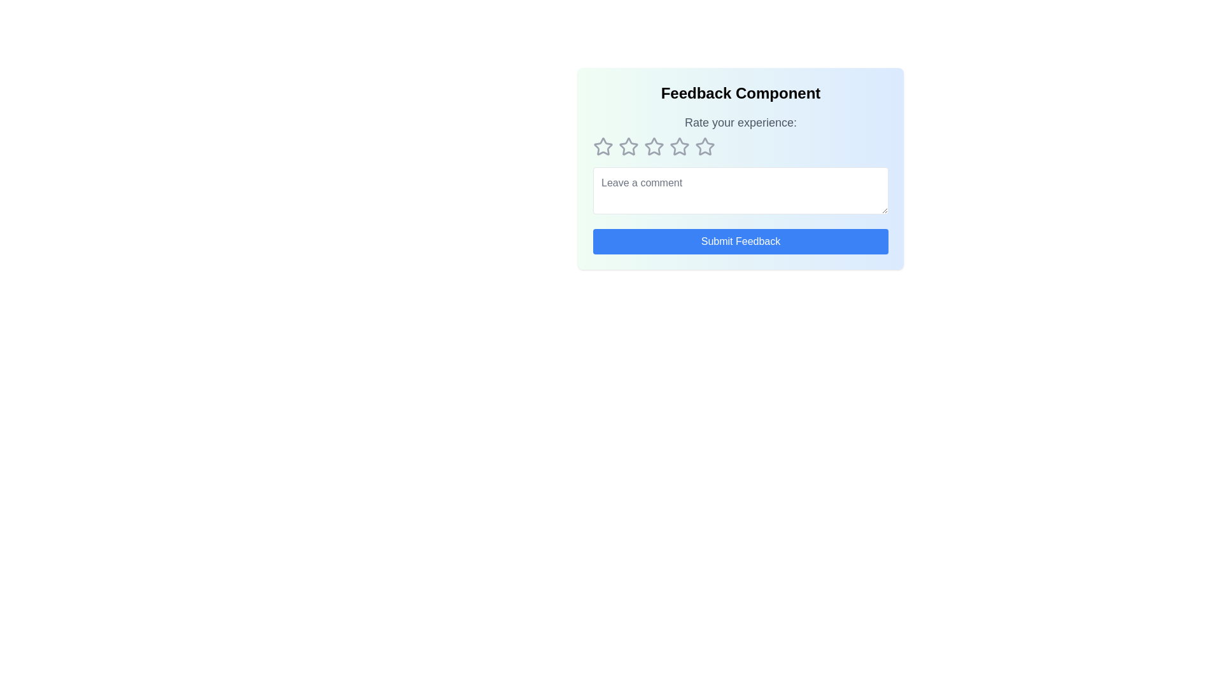 The height and width of the screenshot is (687, 1222). I want to click on the first star in the row of five rating stars located in the feedback component section, so click(603, 146).